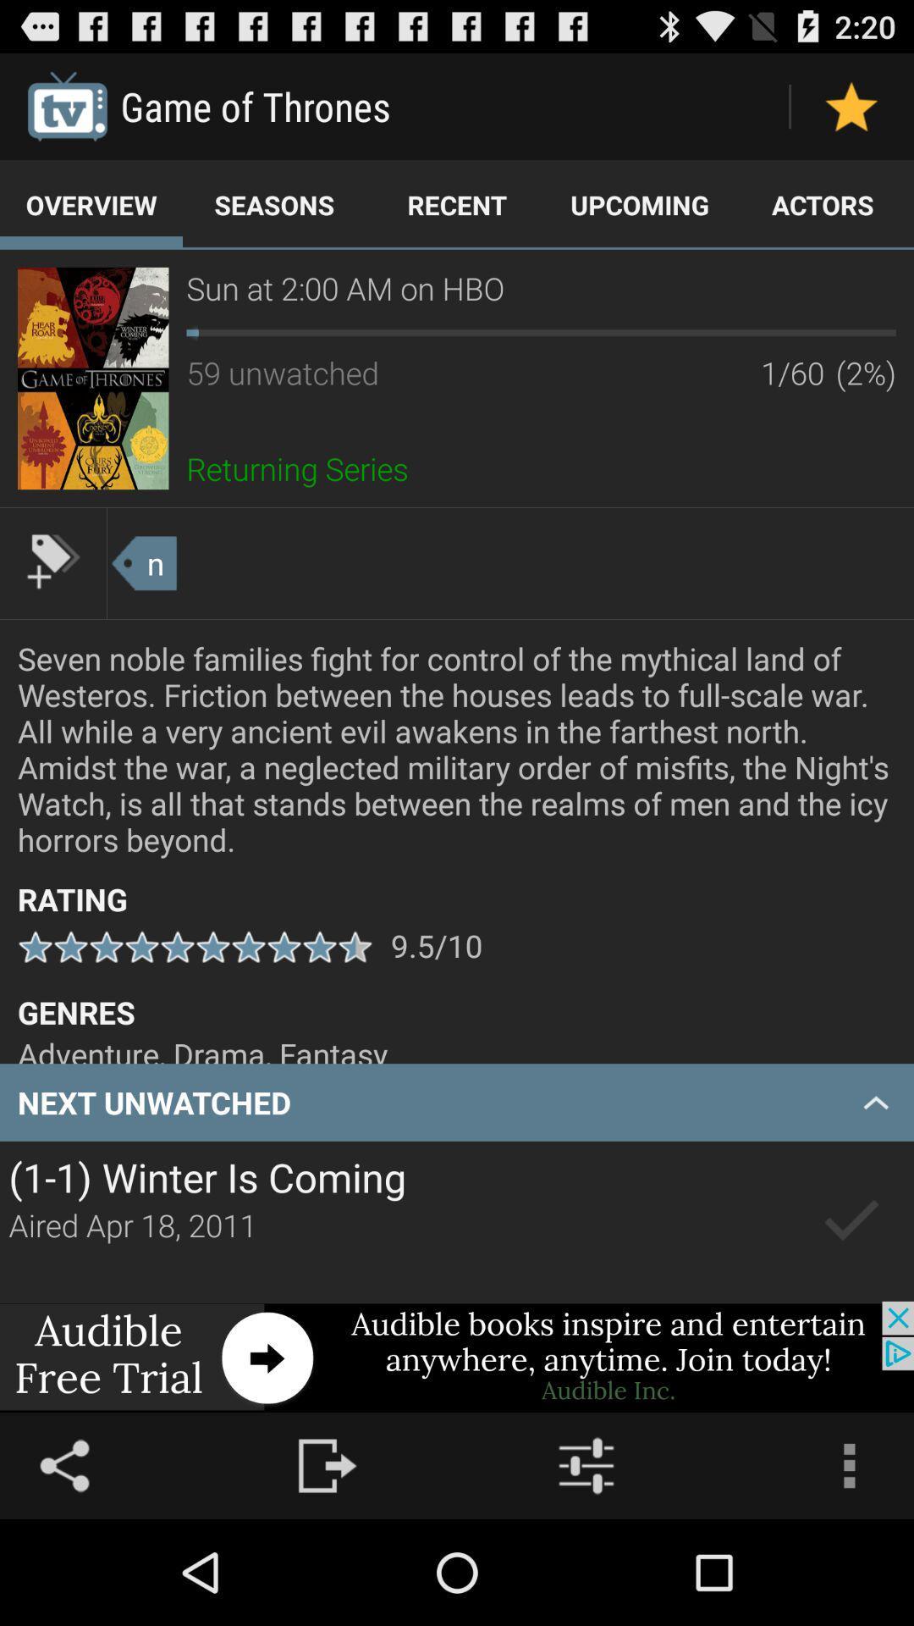 The height and width of the screenshot is (1626, 914). What do you see at coordinates (851, 105) in the screenshot?
I see `favorites it` at bounding box center [851, 105].